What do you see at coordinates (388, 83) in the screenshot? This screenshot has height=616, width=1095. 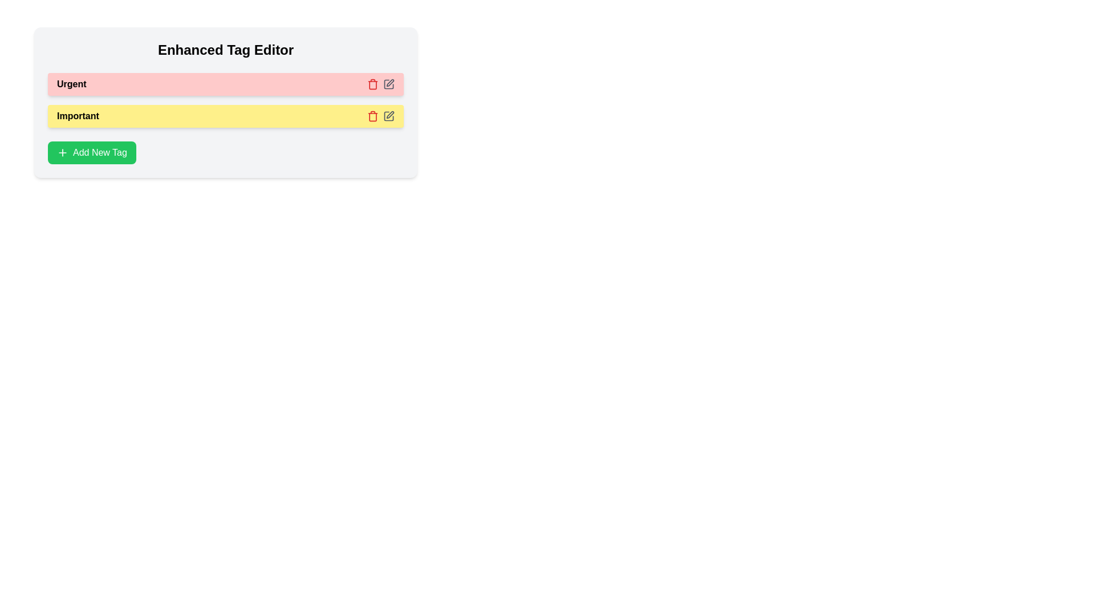 I see `the edit button located to the right of the 'Urgent' tag, which is the second button in the horizontal group of icons` at bounding box center [388, 83].